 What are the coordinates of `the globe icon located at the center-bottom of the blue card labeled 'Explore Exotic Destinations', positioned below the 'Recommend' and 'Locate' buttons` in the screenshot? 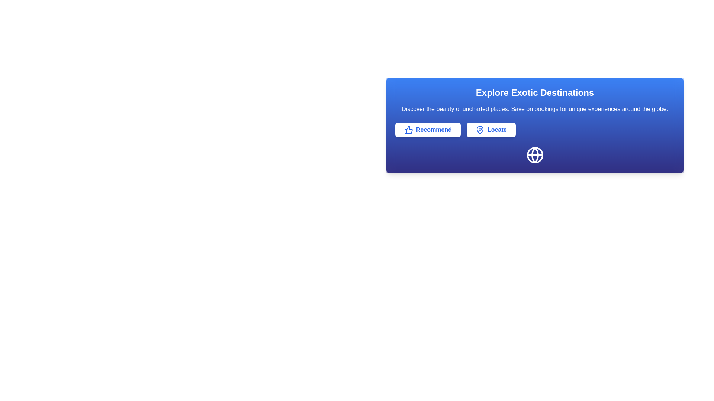 It's located at (534, 154).